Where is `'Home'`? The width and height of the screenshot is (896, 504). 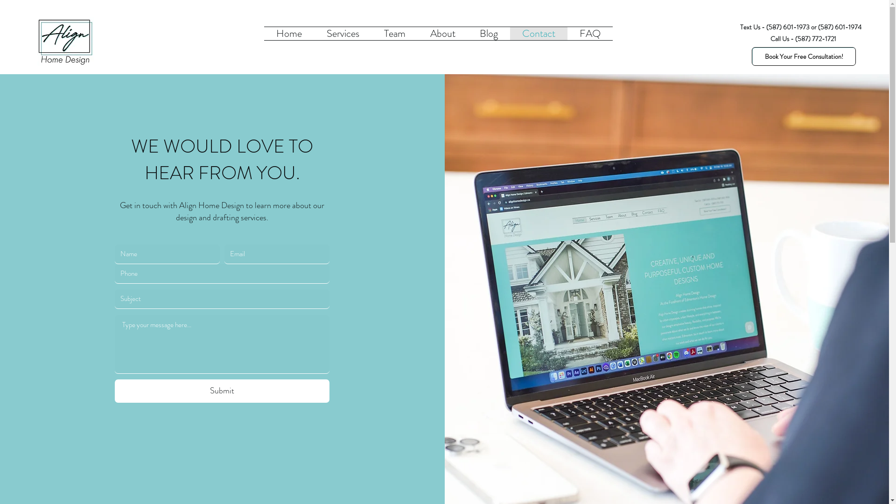
'Home' is located at coordinates (288, 33).